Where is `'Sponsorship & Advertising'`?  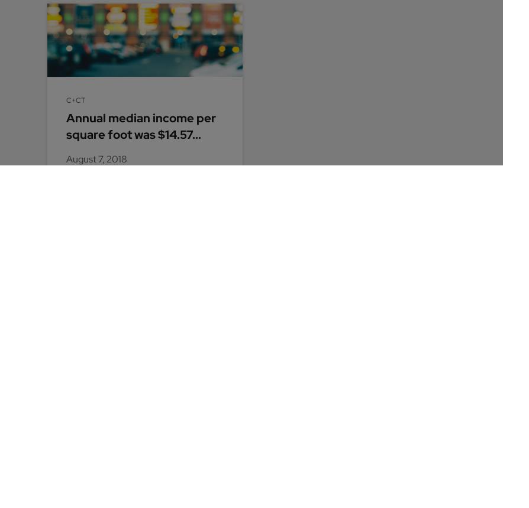 'Sponsorship & Advertising' is located at coordinates (241, 336).